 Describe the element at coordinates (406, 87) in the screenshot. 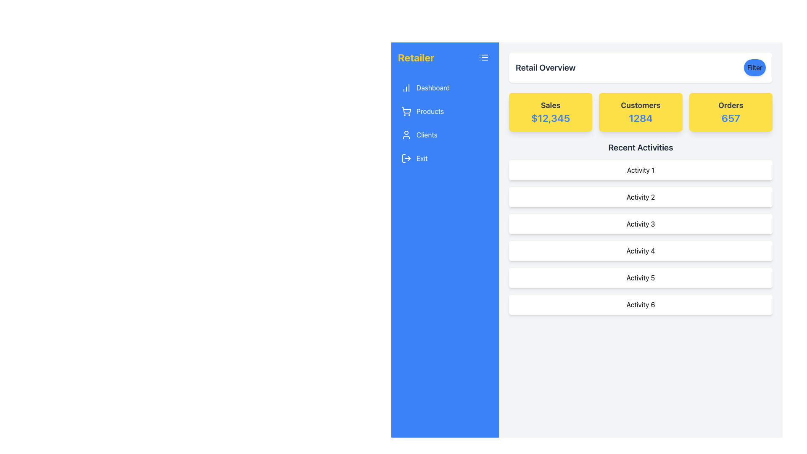

I see `the 'Dashboard' icon in the left sidebar` at that location.